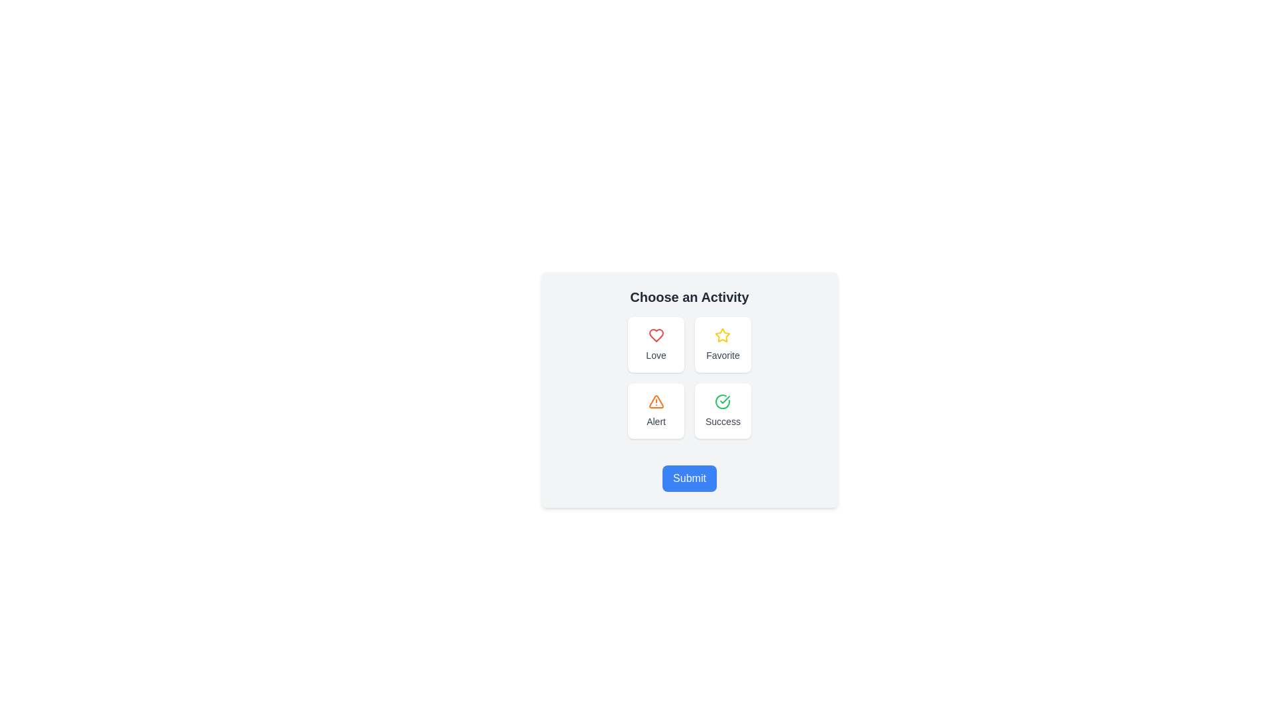 Image resolution: width=1272 pixels, height=715 pixels. I want to click on the 'Favorite' text label, which is styled with a small font size and gray color, located below the yellow star icon in the top-right box of a 2x2 grid, so click(722, 354).